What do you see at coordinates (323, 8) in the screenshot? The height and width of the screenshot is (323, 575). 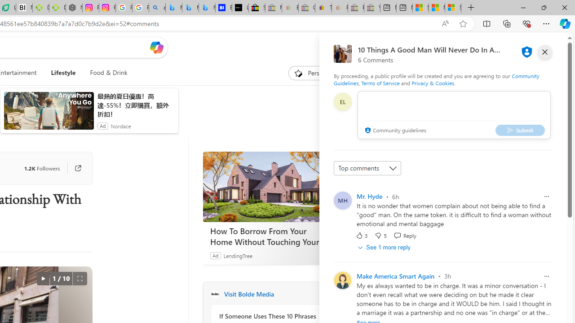 I see `'Threats and offensive language policy | eBay'` at bounding box center [323, 8].